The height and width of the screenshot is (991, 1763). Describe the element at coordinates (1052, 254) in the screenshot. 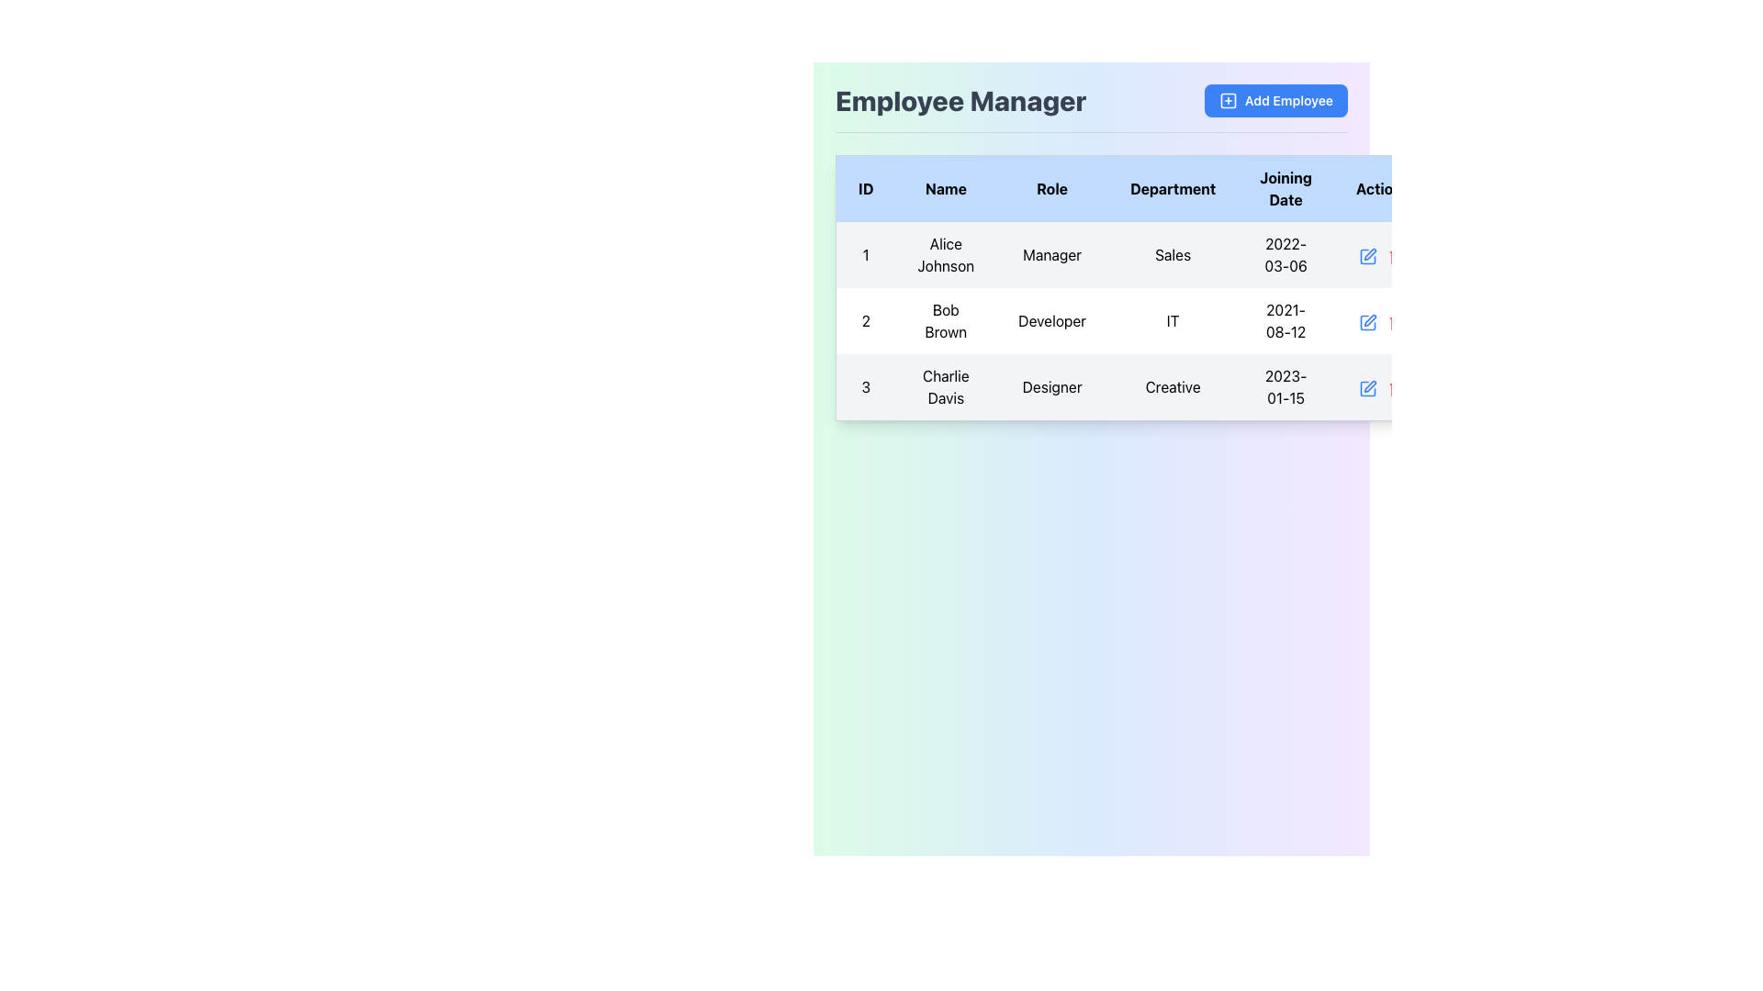

I see `the static text cell displaying 'Manager' in the third column of the table associated with 'Alice Johnson'` at that location.